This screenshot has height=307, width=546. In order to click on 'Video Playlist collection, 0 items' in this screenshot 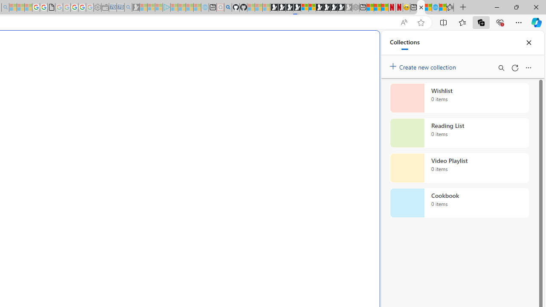, I will do `click(459, 168)`.